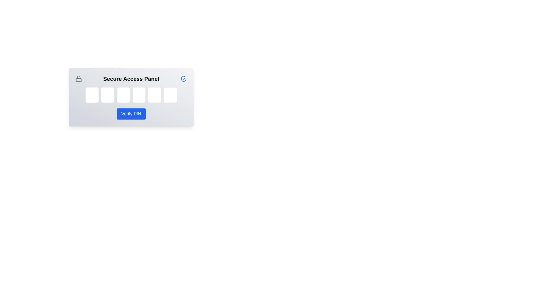 The image size is (536, 301). I want to click on the Password input box, which is the third box from the left in a sequence of six identical rectangular boxes with a white background and faint grey border, so click(123, 94).